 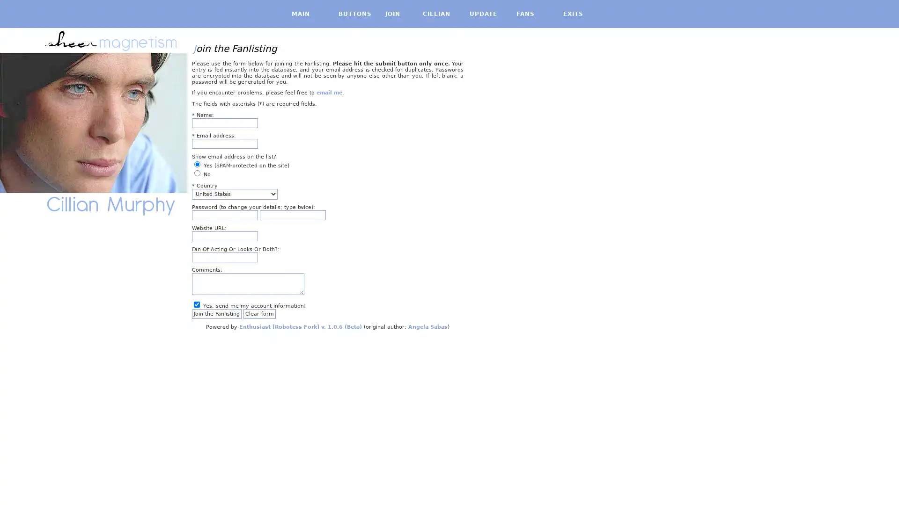 What do you see at coordinates (259, 313) in the screenshot?
I see `Clear form` at bounding box center [259, 313].